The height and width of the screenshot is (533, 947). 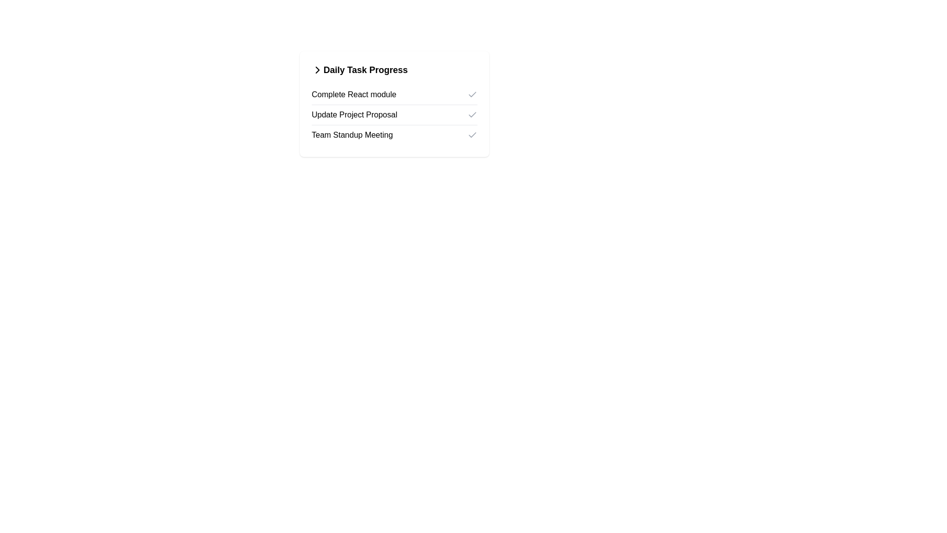 I want to click on the Check Mark icon that confirms the completion of the 'Update Project Proposal' task, so click(x=472, y=114).